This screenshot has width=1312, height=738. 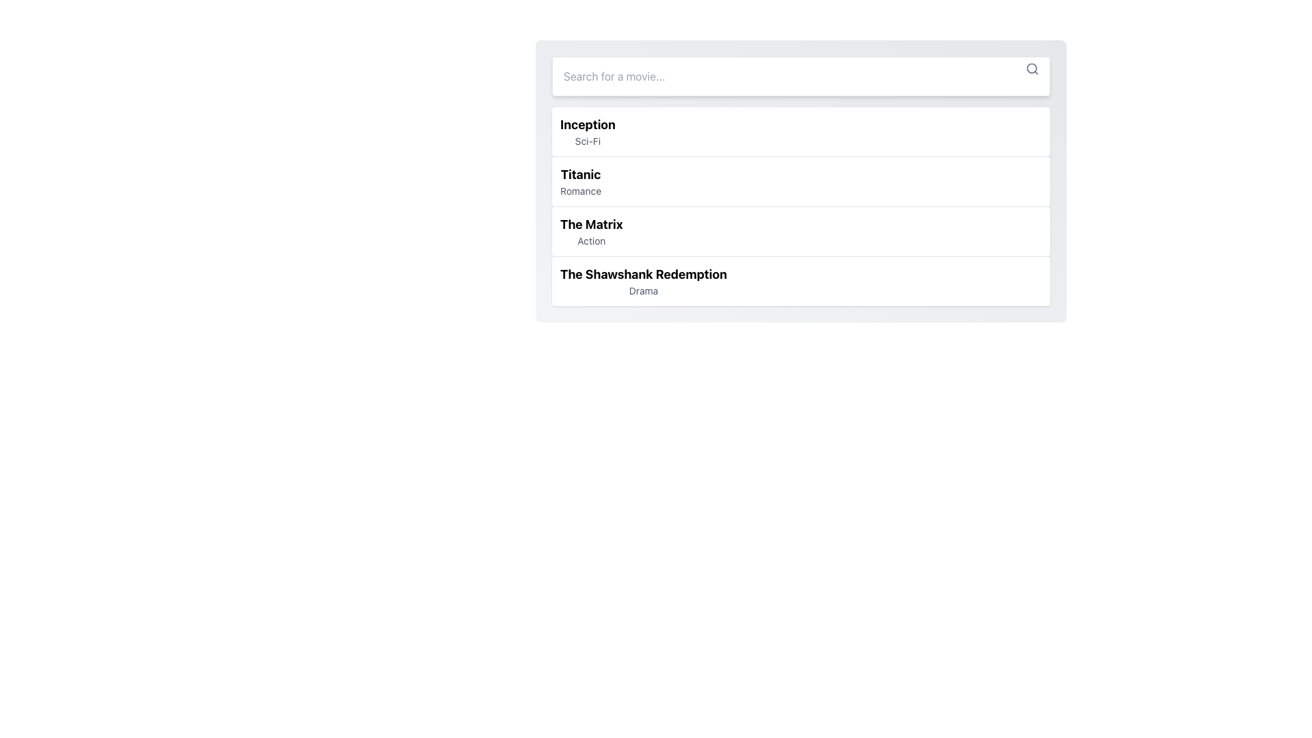 What do you see at coordinates (801, 131) in the screenshot?
I see `the first list item representing the movie 'Inception'` at bounding box center [801, 131].